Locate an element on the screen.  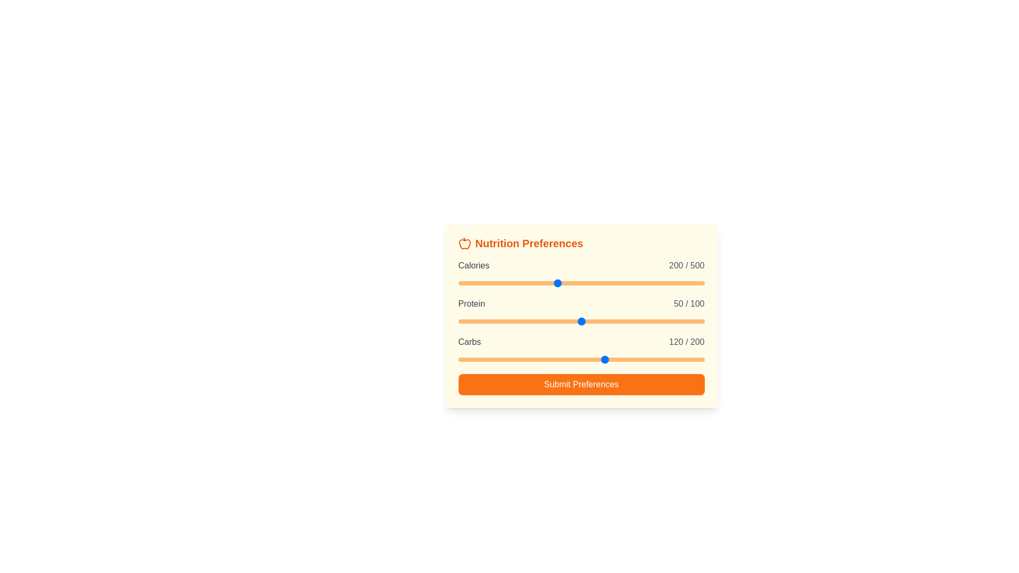
the carbs value is located at coordinates (573, 359).